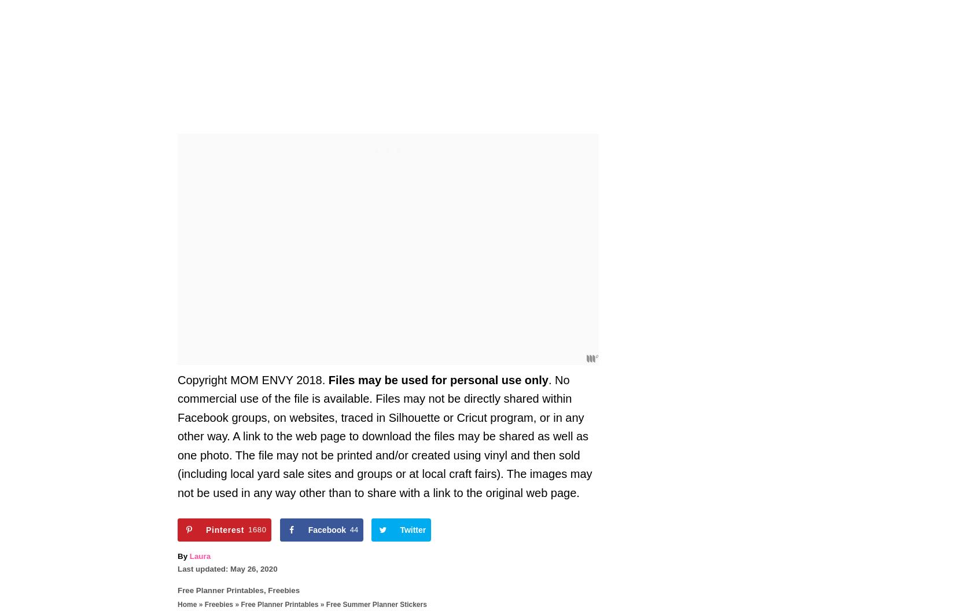 The height and width of the screenshot is (611, 979). What do you see at coordinates (256, 529) in the screenshot?
I see `'1680'` at bounding box center [256, 529].